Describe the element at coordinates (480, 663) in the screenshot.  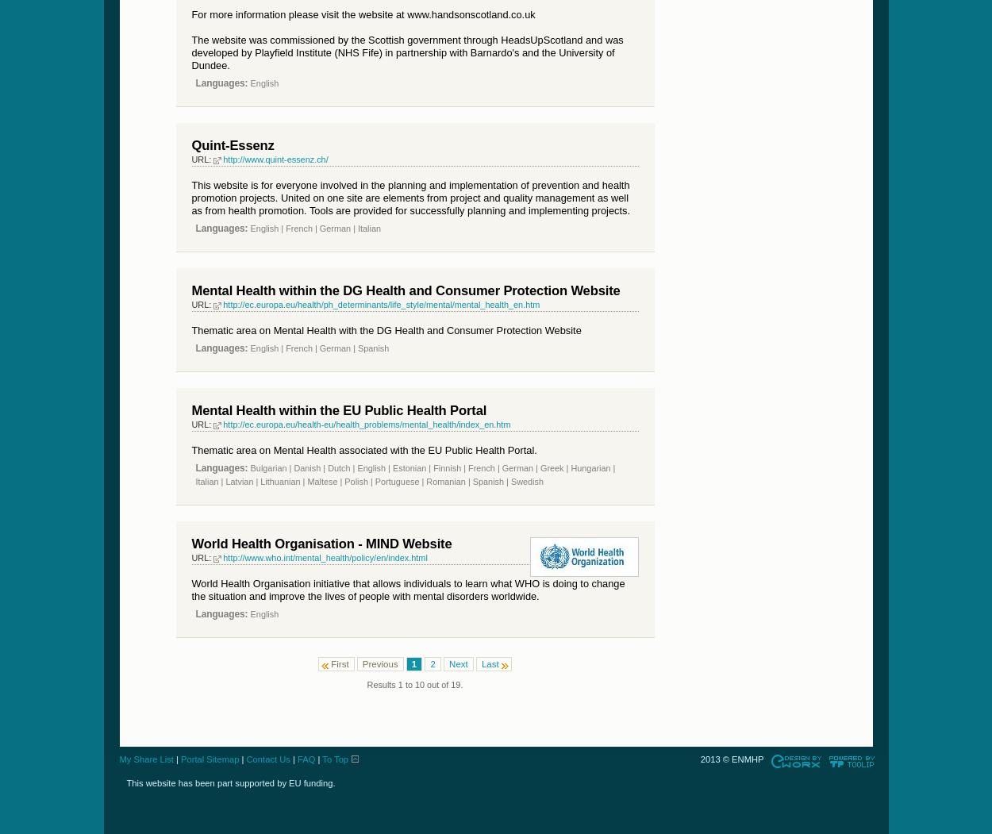
I see `'Last'` at that location.